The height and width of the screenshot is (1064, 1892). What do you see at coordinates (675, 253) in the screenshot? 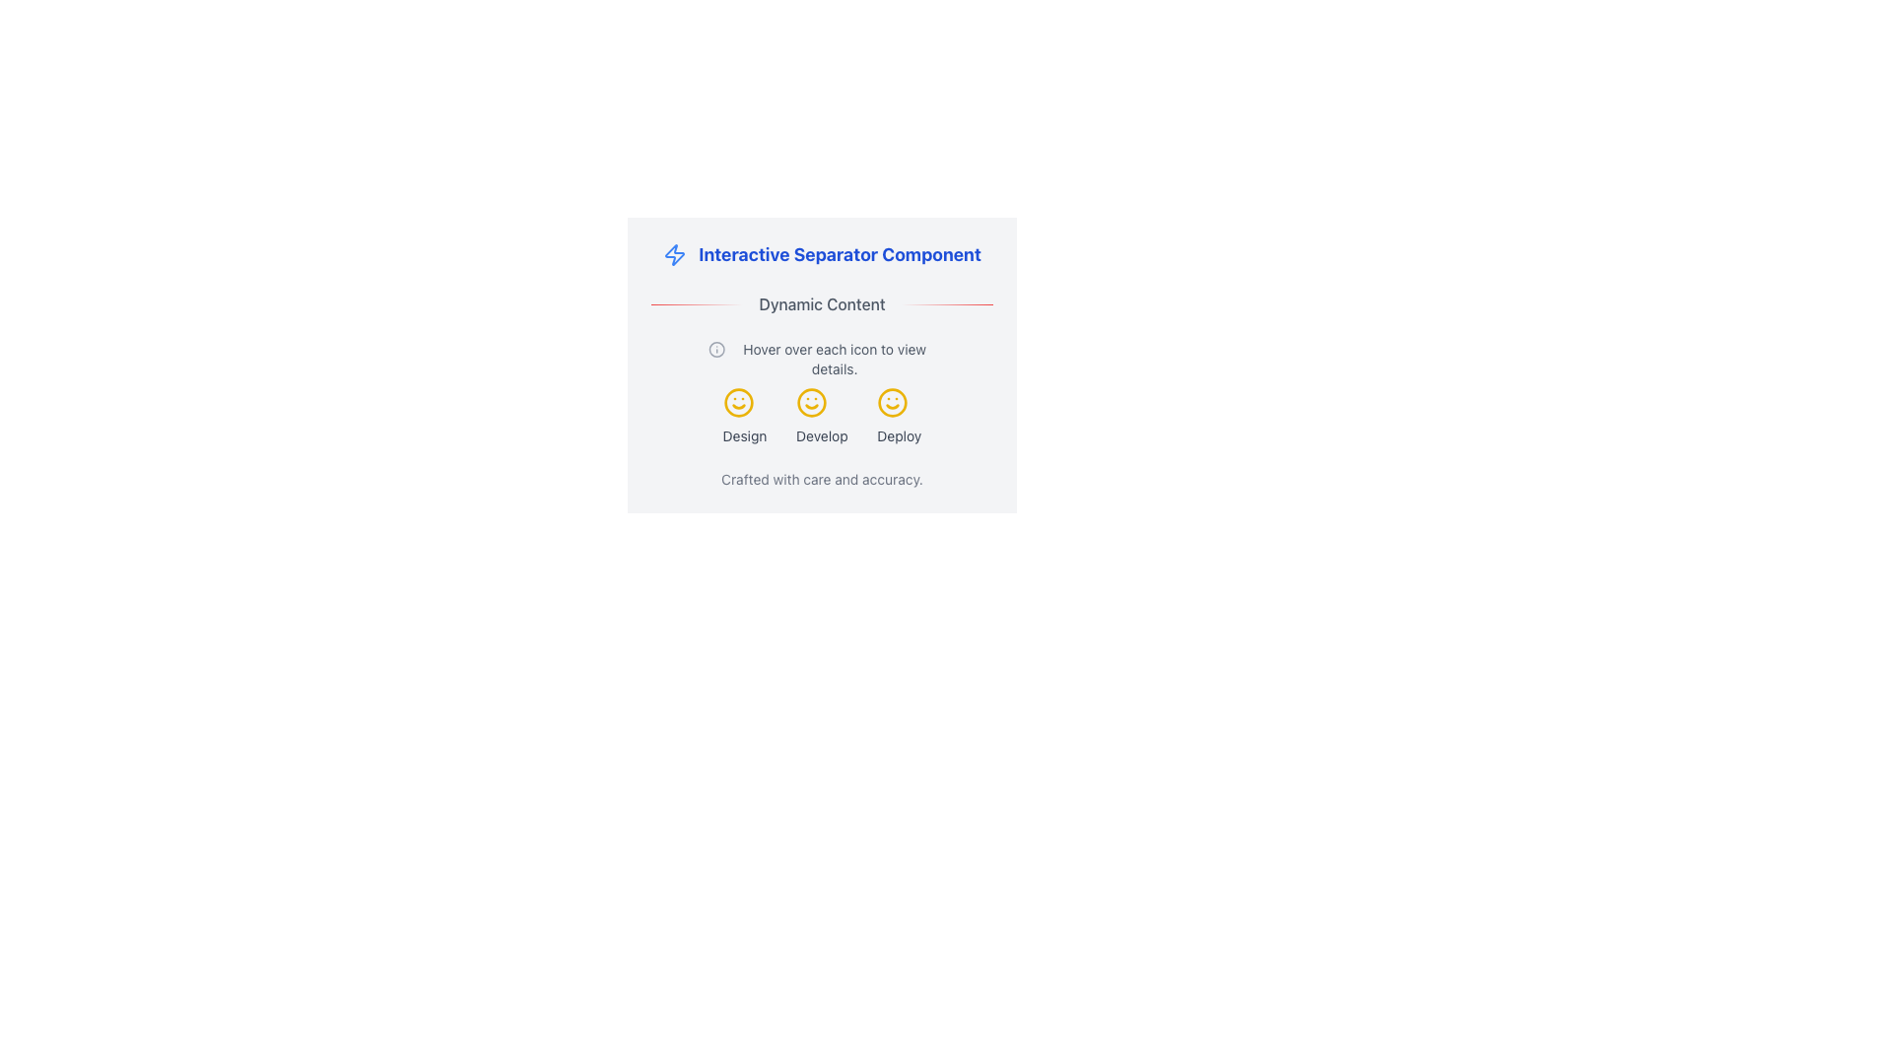
I see `the branding icon located to the left of the title text 'Interactive Separator Component'` at bounding box center [675, 253].